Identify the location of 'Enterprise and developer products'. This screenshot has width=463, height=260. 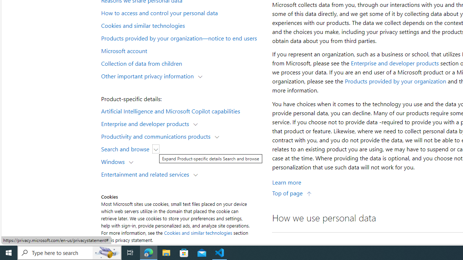
(394, 62).